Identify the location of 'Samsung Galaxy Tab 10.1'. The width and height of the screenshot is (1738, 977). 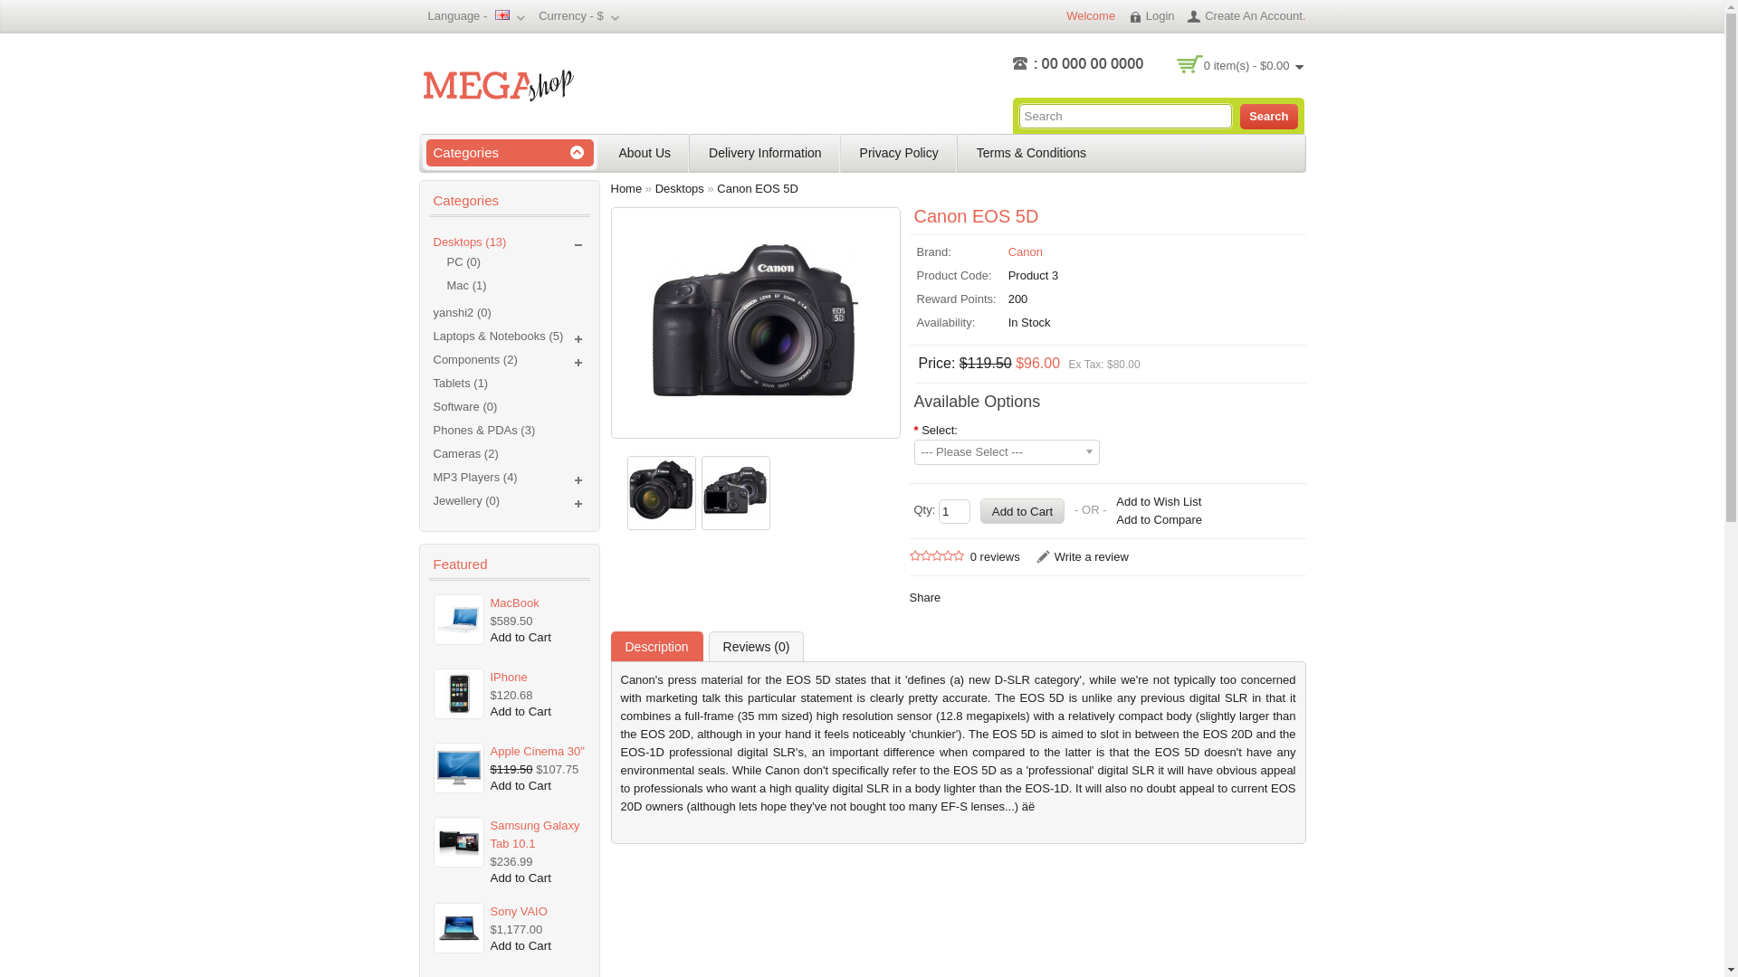
(488, 834).